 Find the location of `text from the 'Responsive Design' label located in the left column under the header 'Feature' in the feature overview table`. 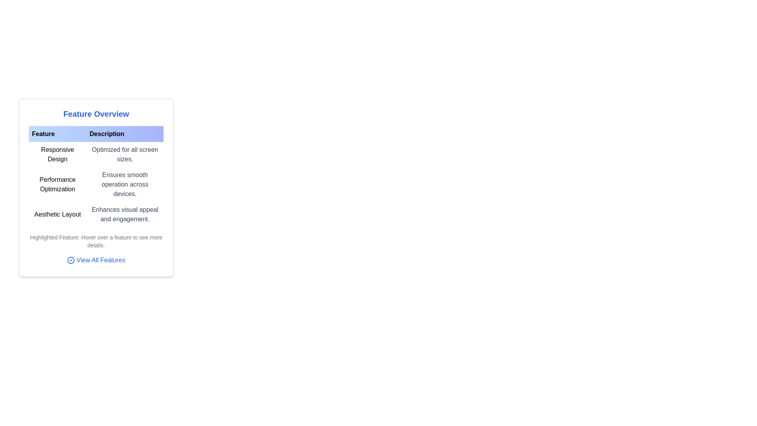

text from the 'Responsive Design' label located in the left column under the header 'Feature' in the feature overview table is located at coordinates (57, 155).